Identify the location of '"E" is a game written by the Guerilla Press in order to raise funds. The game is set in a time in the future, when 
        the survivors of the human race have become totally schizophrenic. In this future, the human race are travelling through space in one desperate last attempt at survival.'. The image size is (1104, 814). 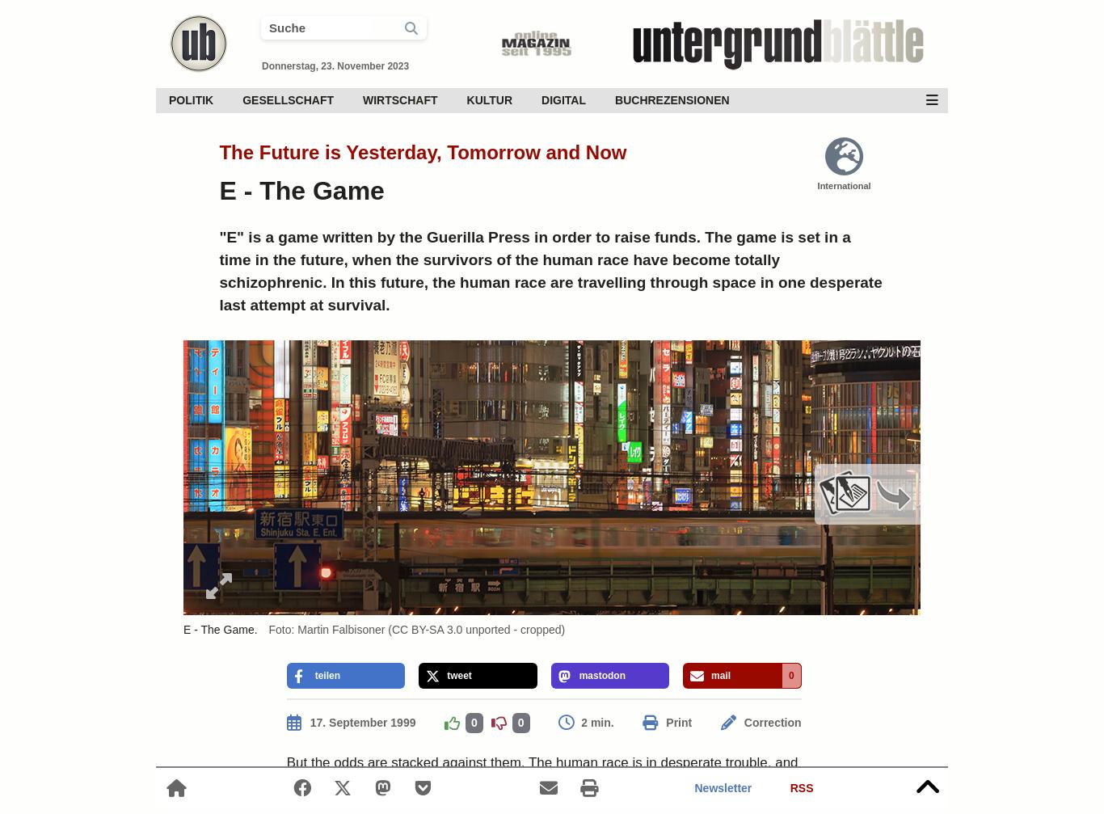
(219, 271).